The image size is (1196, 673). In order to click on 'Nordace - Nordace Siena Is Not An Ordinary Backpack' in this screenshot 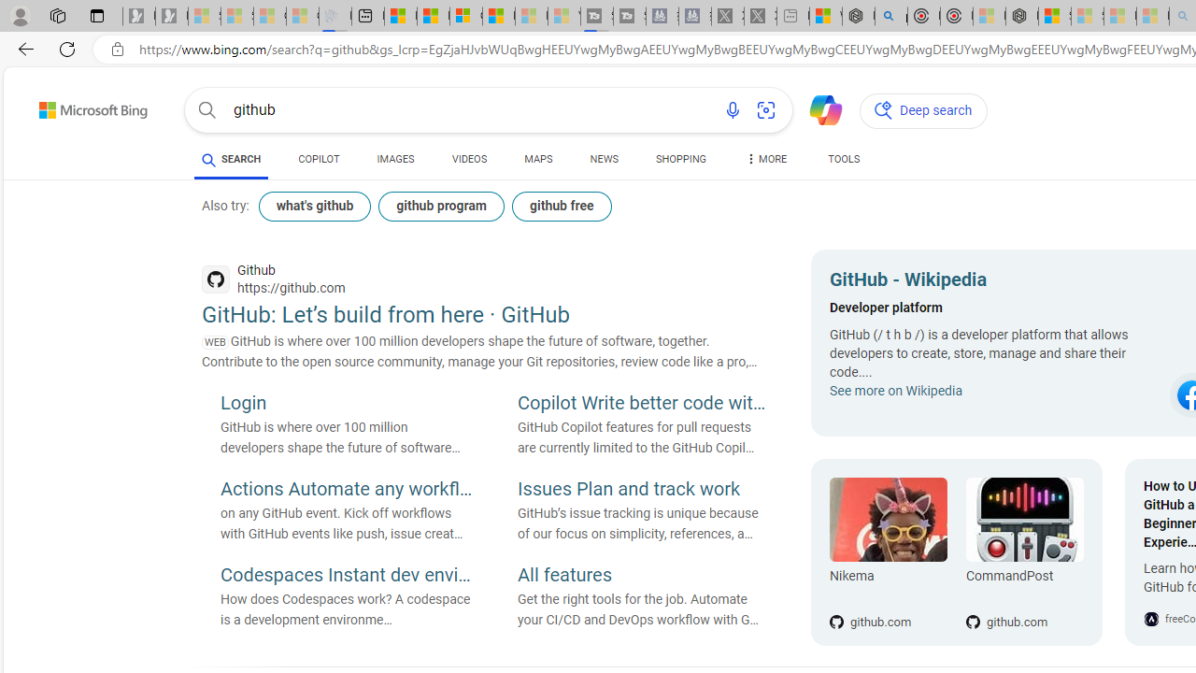, I will do `click(1020, 16)`.